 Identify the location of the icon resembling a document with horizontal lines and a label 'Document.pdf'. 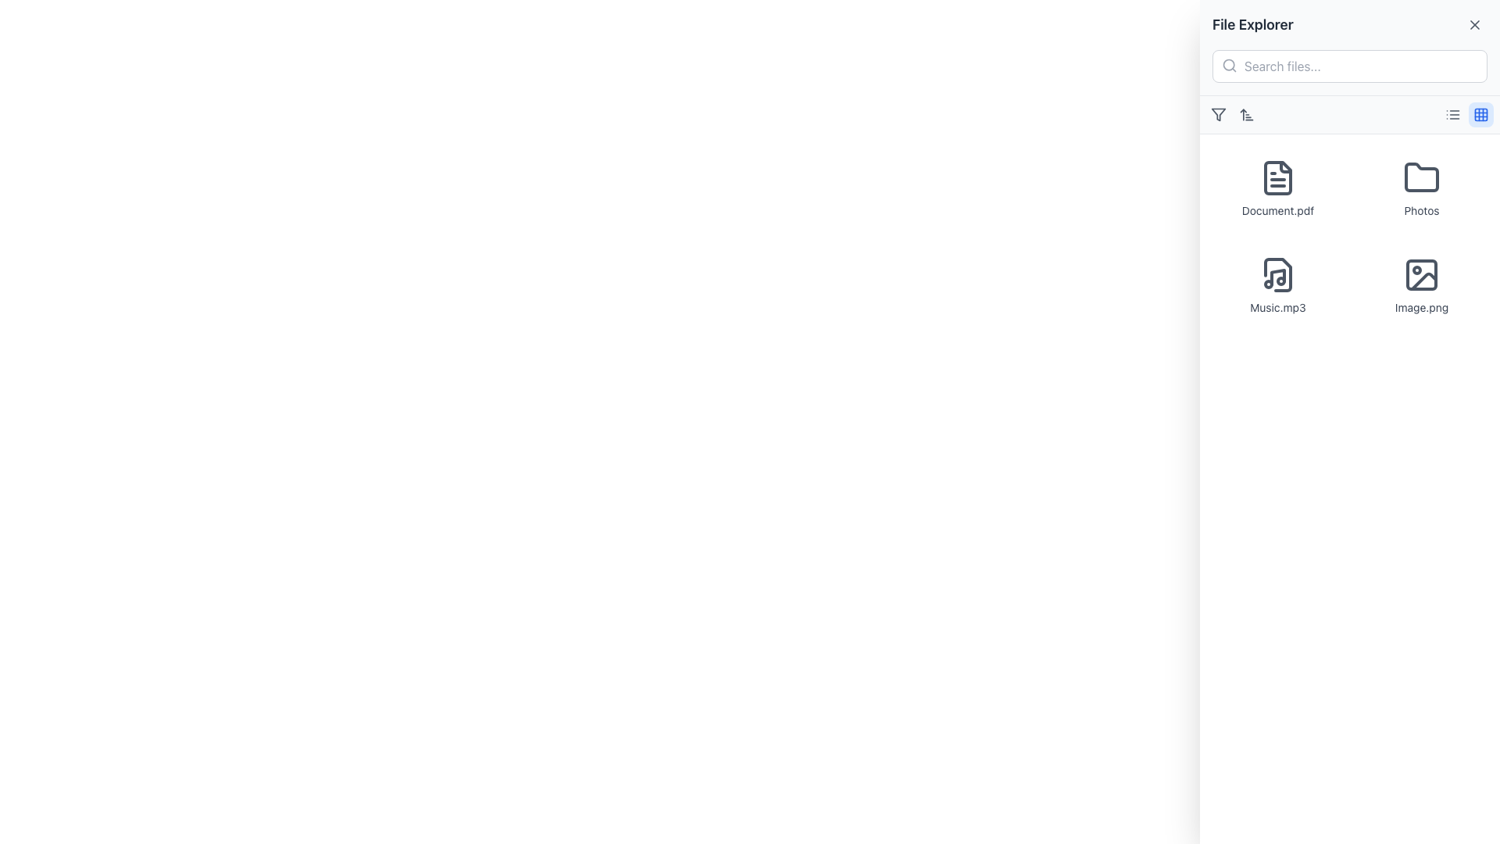
(1278, 177).